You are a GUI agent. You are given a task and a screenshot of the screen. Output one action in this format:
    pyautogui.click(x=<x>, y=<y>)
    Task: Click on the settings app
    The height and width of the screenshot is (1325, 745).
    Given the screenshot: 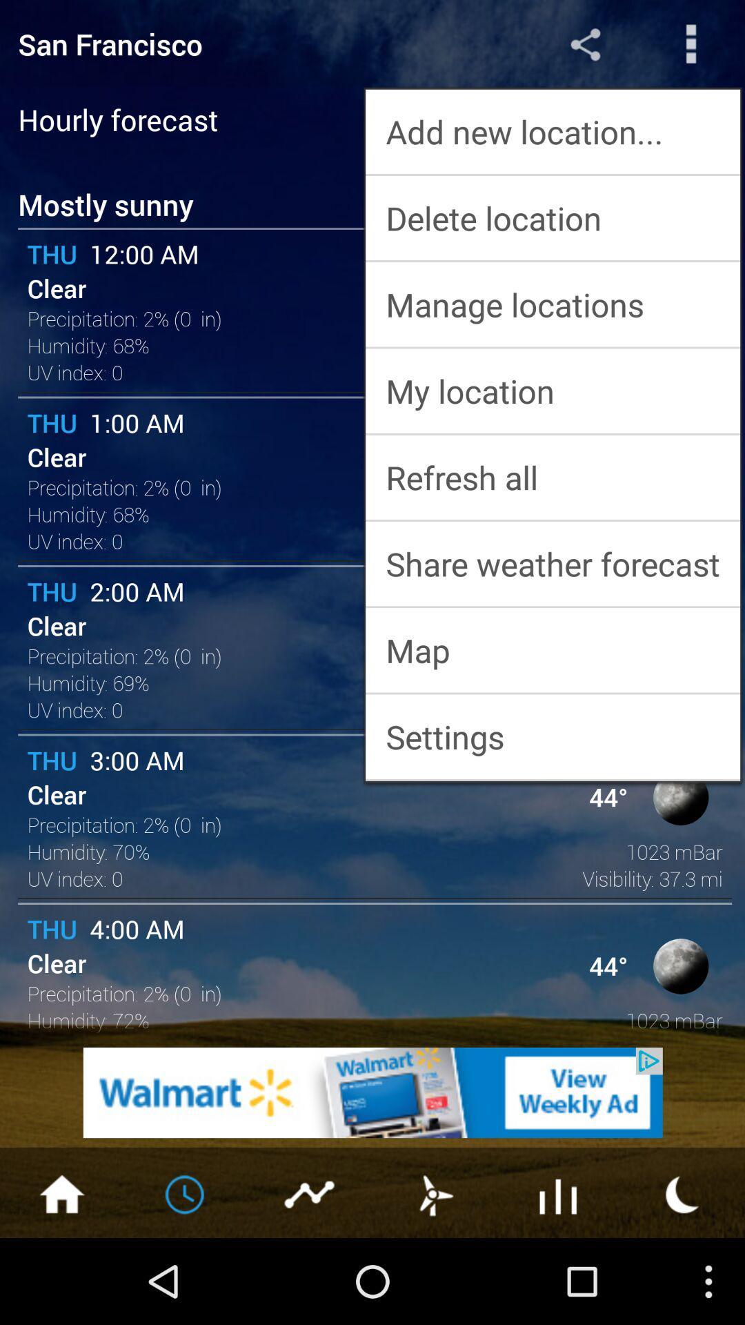 What is the action you would take?
    pyautogui.click(x=552, y=736)
    